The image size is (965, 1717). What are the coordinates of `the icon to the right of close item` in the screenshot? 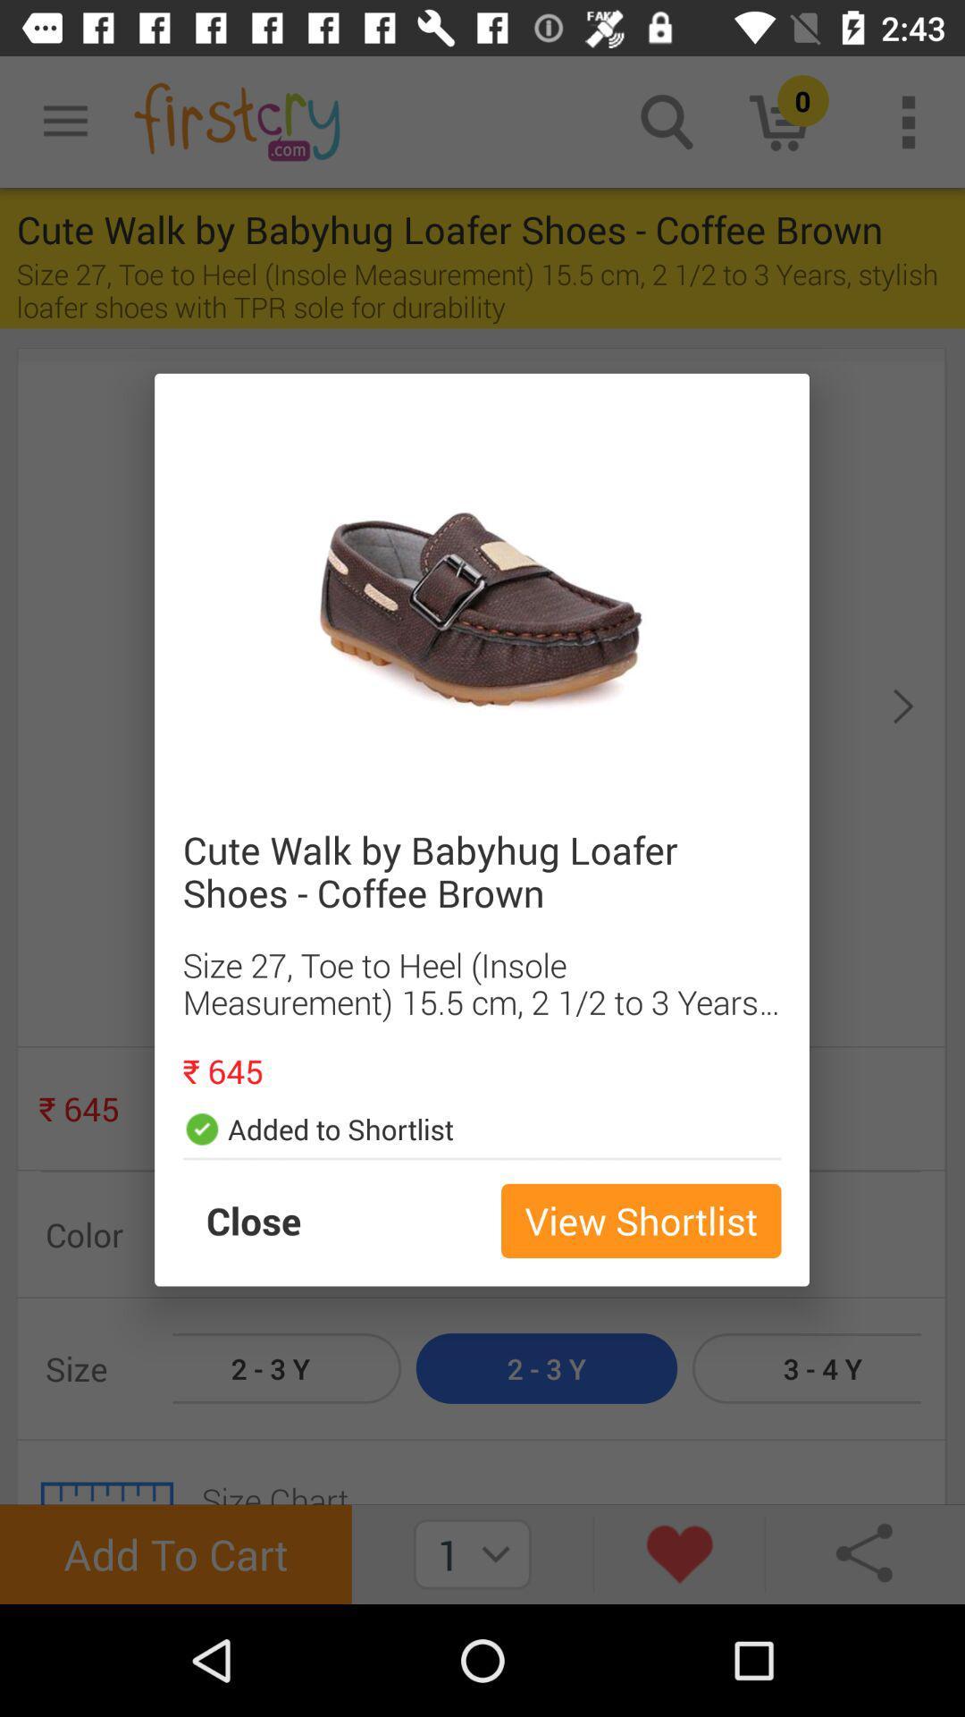 It's located at (640, 1220).